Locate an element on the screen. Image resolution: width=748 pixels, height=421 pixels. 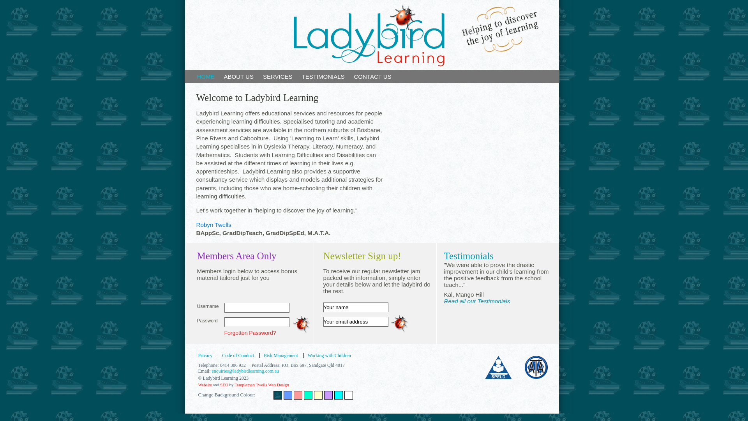
'Risk Management' is located at coordinates (280, 355).